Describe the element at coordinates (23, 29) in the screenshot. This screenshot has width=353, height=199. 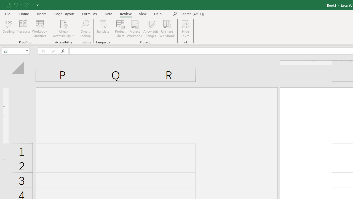
I see `'Thesaurus...'` at that location.